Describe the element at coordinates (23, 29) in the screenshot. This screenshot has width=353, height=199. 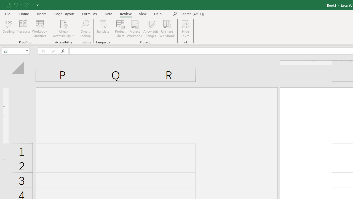
I see `'Thesaurus...'` at that location.